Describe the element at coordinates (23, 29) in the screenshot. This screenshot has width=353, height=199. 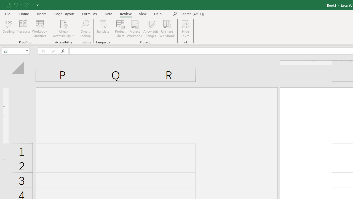
I see `'Thesaurus...'` at that location.